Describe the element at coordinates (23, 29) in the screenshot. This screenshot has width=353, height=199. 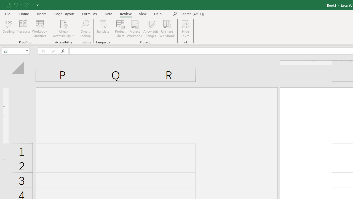
I see `'Thesaurus...'` at that location.